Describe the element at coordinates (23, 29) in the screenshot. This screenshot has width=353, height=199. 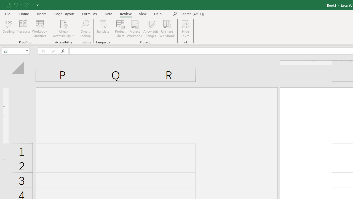
I see `'Thesaurus...'` at that location.